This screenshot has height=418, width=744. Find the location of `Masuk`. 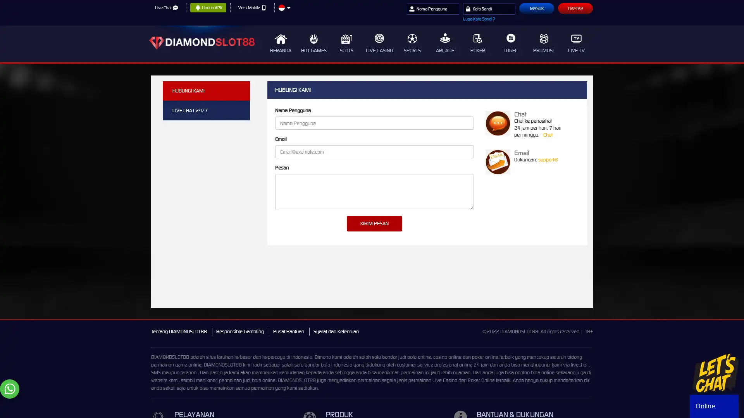

Masuk is located at coordinates (536, 9).